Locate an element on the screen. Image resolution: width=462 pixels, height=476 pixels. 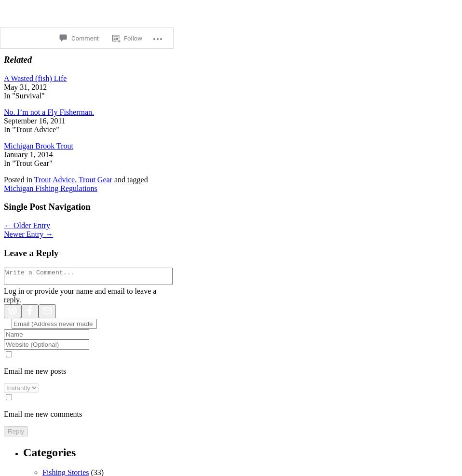
'Michigan Brook Trout' is located at coordinates (38, 145).